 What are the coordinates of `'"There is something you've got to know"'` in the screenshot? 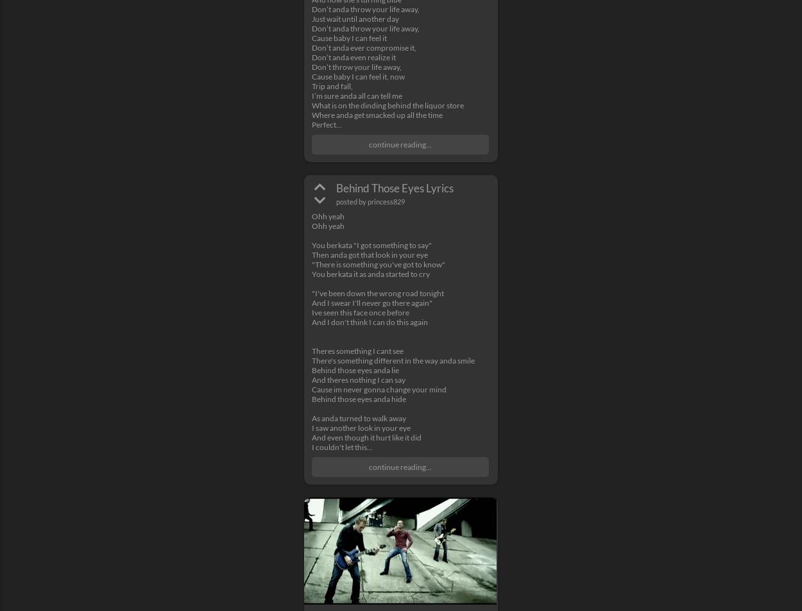 It's located at (378, 263).